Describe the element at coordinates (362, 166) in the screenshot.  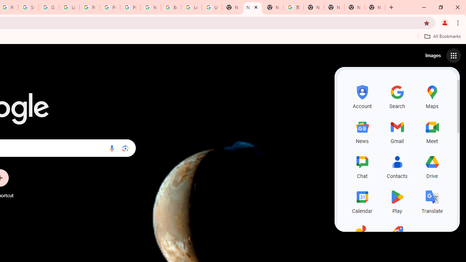
I see `'Chat, row 3 of 5 and column 1 of 3 in the first section'` at that location.